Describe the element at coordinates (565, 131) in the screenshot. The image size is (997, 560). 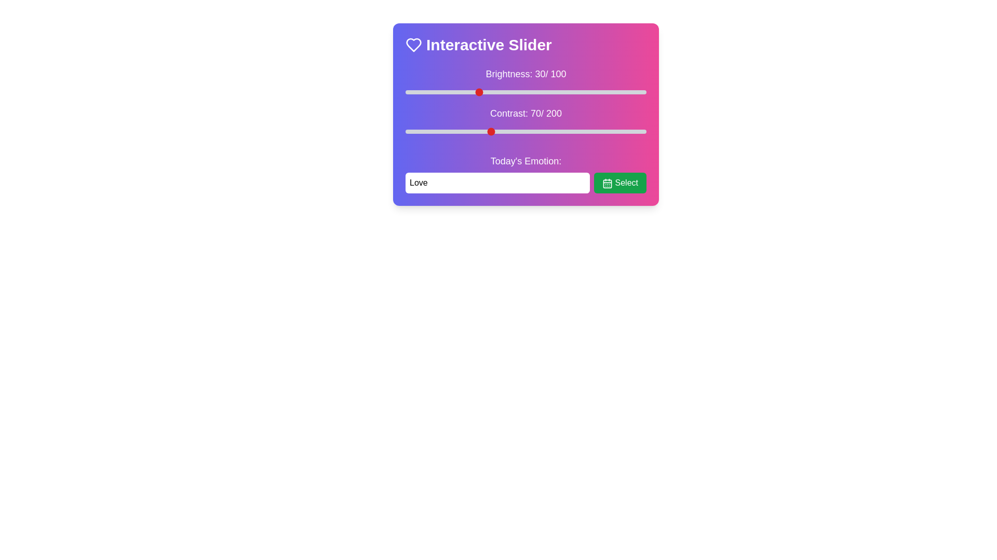
I see `the contrast slider to 133` at that location.